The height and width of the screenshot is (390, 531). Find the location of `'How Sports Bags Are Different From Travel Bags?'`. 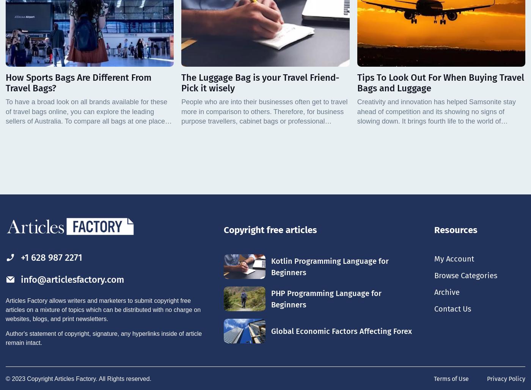

'How Sports Bags Are Different From Travel Bags?' is located at coordinates (79, 83).